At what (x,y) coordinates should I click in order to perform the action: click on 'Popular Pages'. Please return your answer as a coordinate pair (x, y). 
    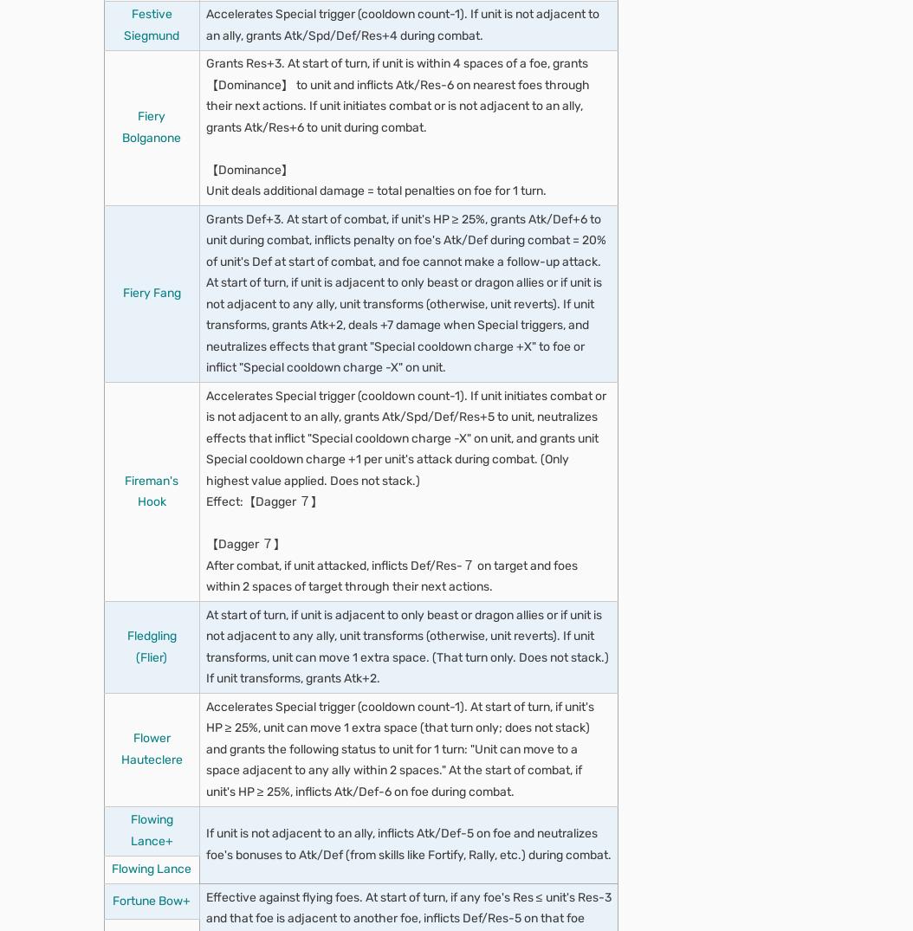
    Looking at the image, I should click on (152, 527).